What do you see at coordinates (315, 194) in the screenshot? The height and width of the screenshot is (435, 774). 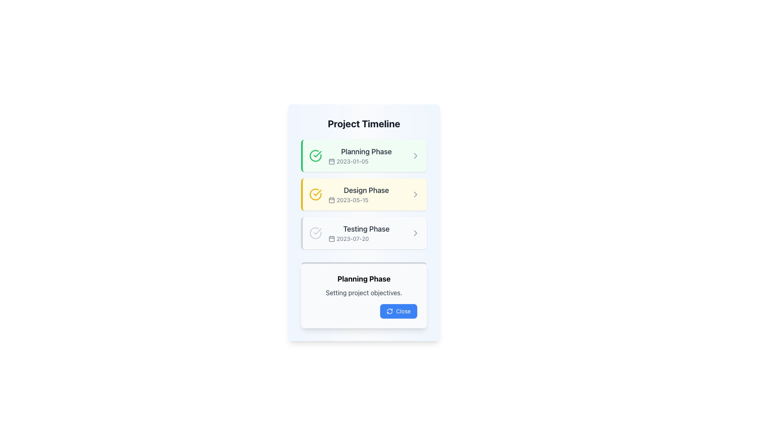 I see `the confirmation icon indicating the completion of the 'Design Phase' within the timeline interface, located next to the 'Design Phase' text` at bounding box center [315, 194].